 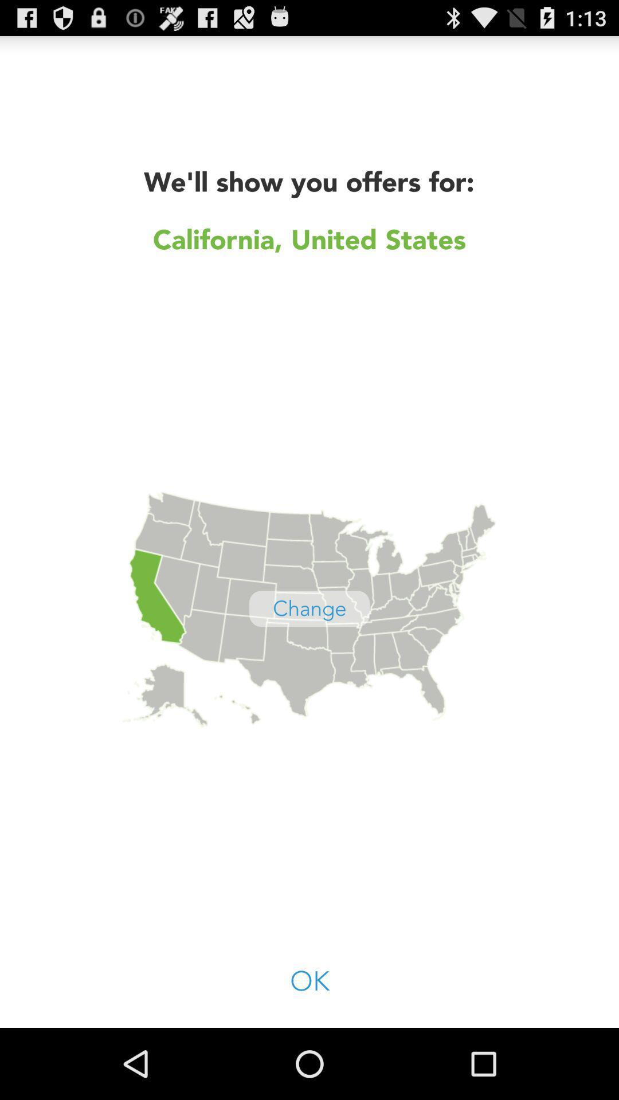 What do you see at coordinates (309, 982) in the screenshot?
I see `ok item` at bounding box center [309, 982].